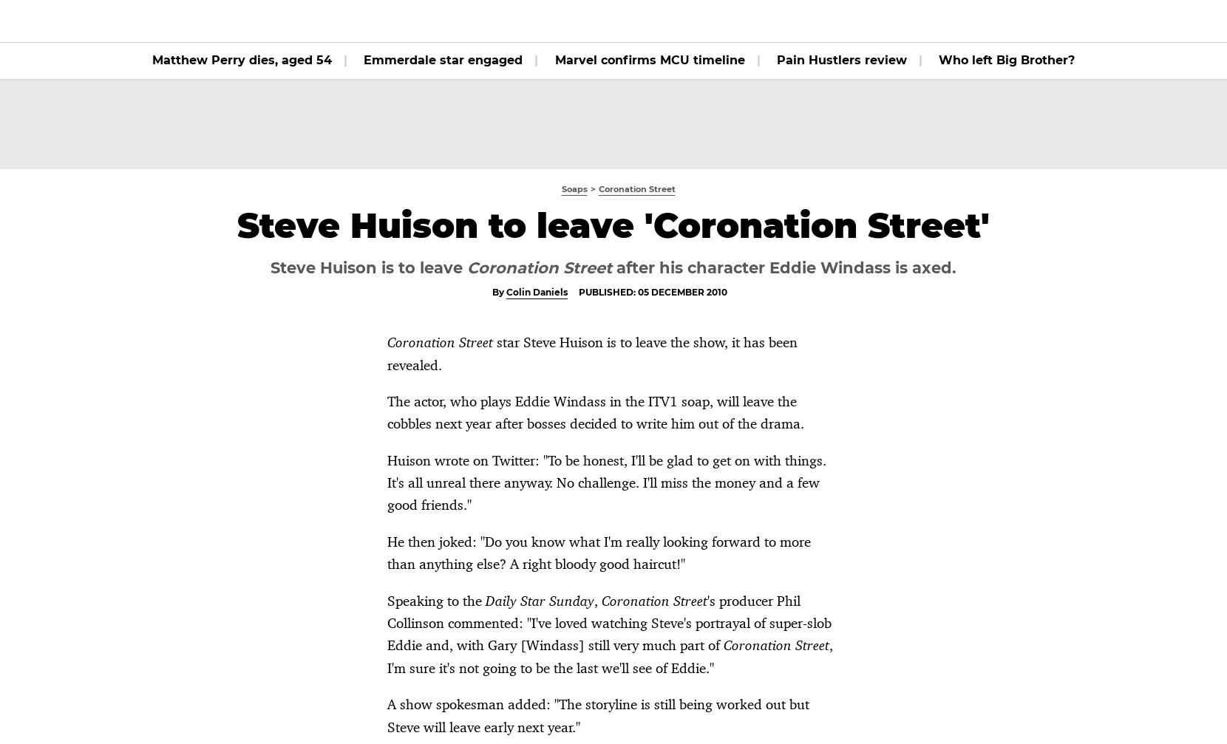  Describe the element at coordinates (423, 21) in the screenshot. I see `'Soaps'` at that location.